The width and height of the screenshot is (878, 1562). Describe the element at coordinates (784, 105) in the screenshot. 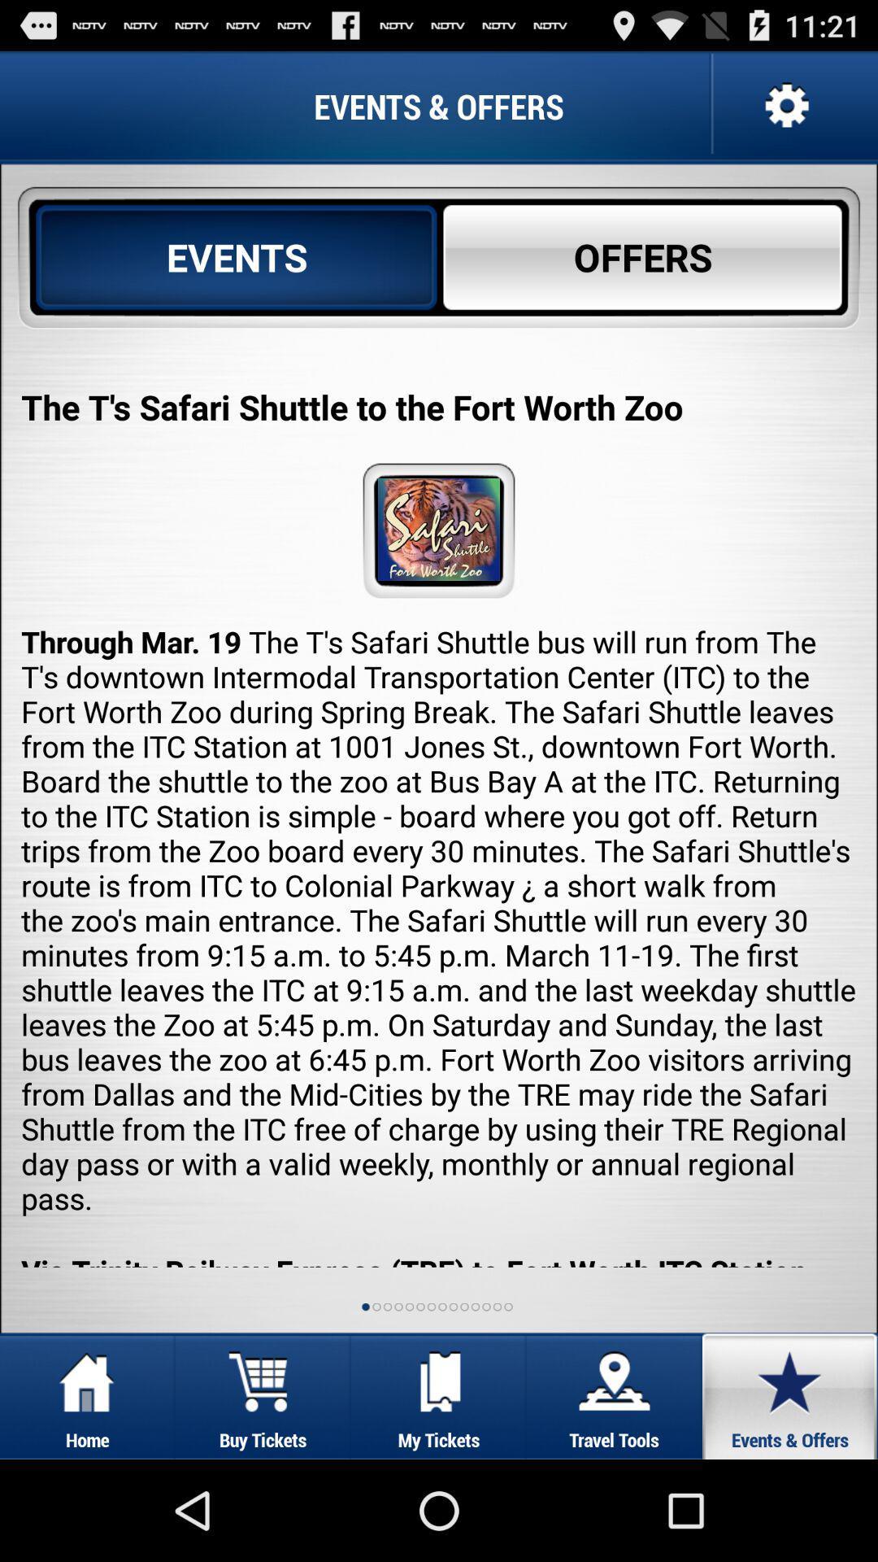

I see `settings` at that location.